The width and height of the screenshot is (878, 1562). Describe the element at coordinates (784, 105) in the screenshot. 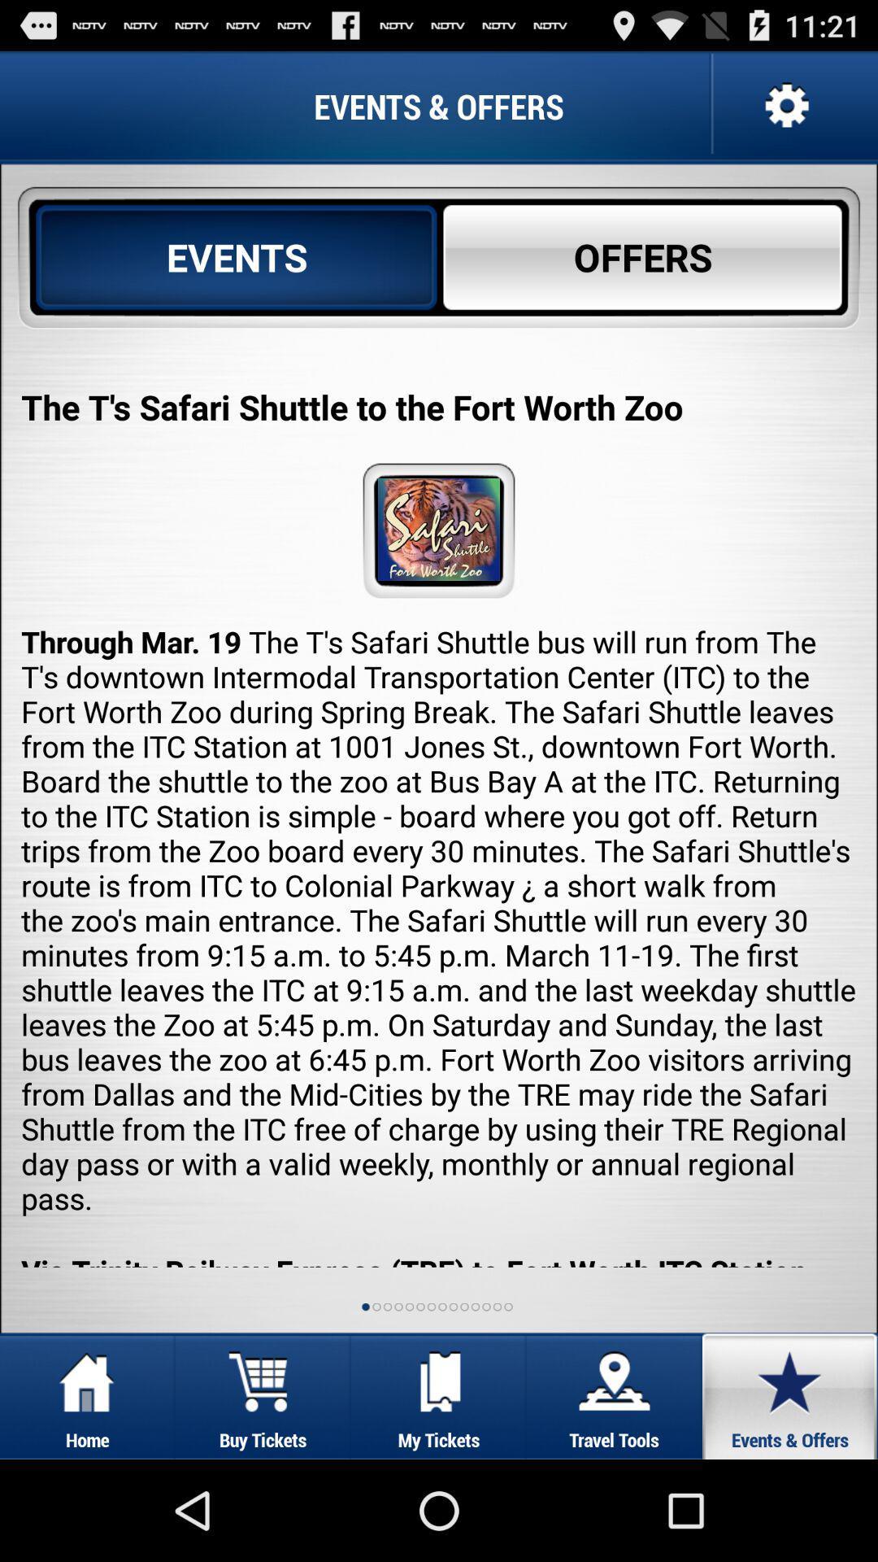

I see `settings` at that location.